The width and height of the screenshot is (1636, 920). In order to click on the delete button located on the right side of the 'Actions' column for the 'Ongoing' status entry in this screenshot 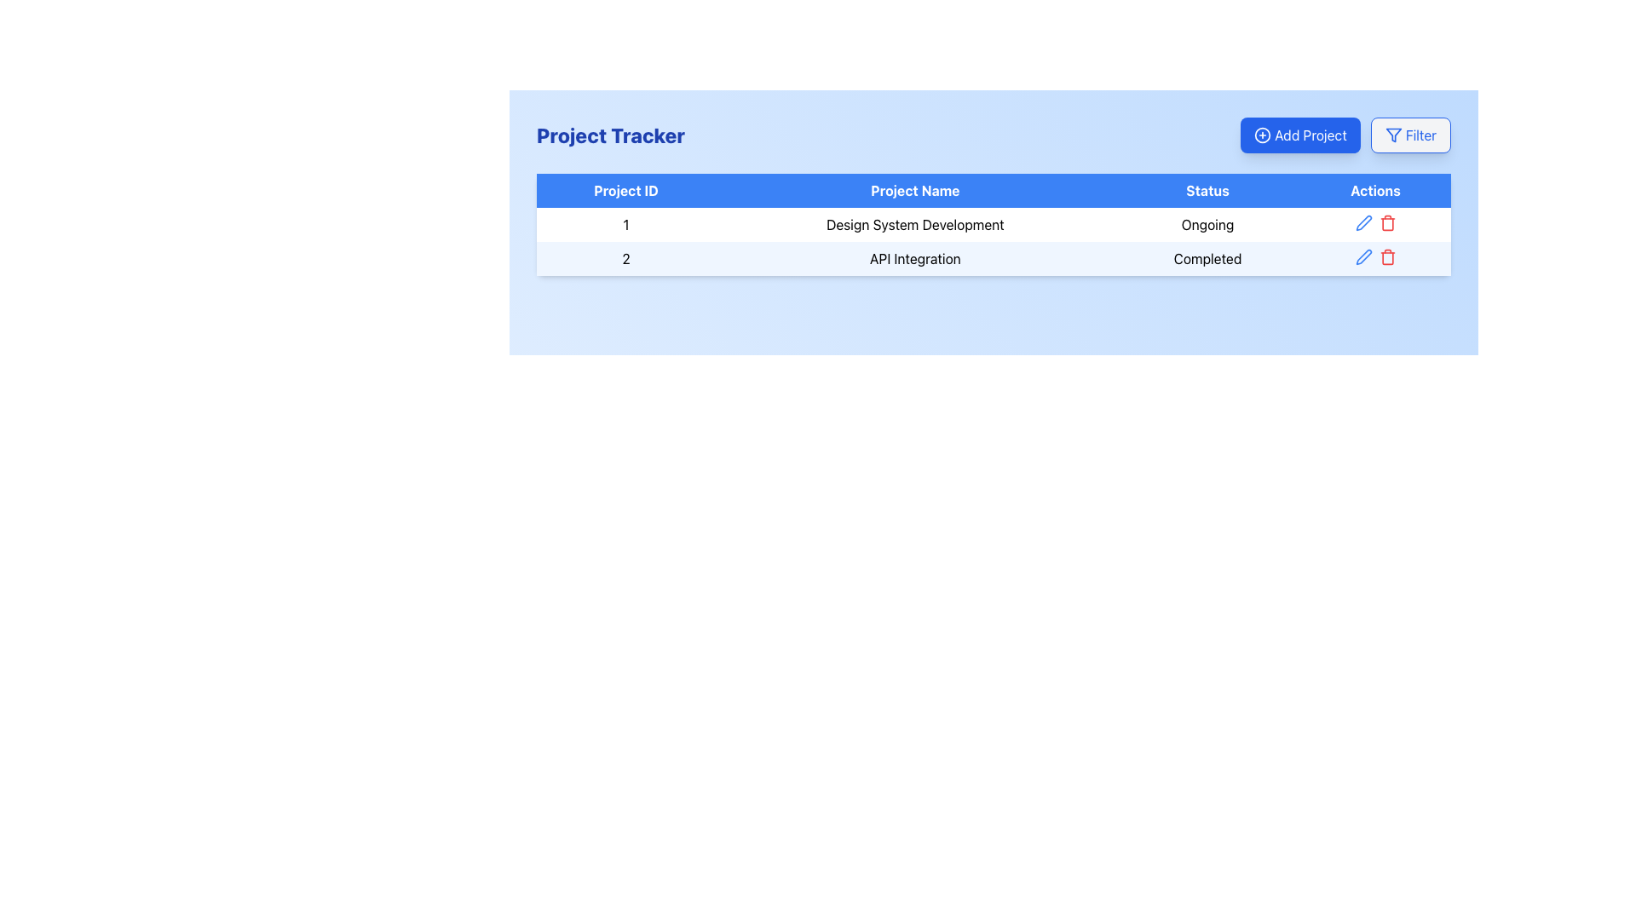, I will do `click(1387, 222)`.